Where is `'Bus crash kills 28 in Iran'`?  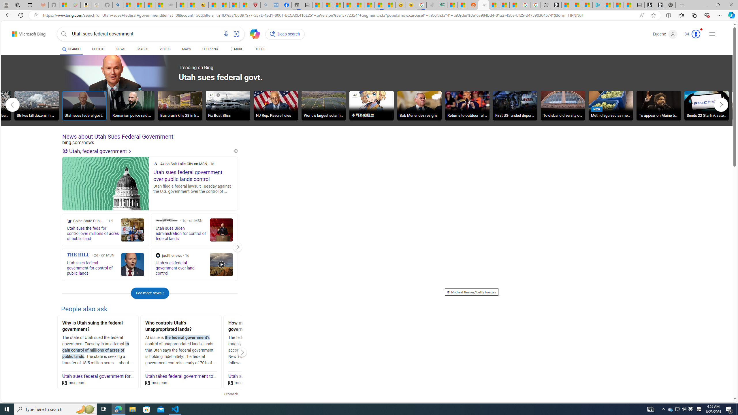 'Bus crash kills 28 in Iran' is located at coordinates (180, 105).